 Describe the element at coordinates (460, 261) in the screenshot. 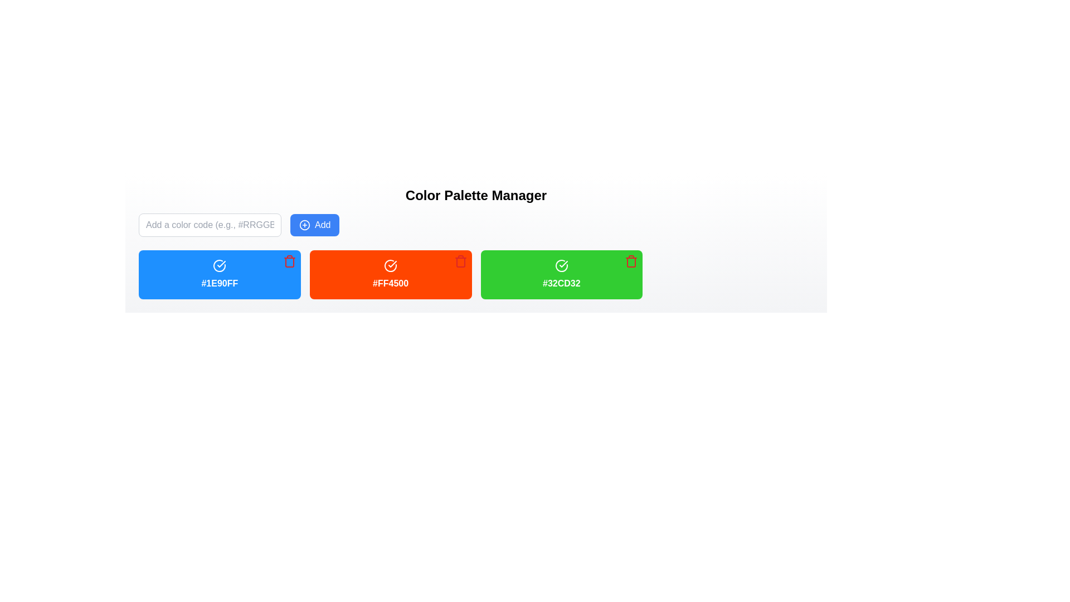

I see `the trash can icon button located at the top-right corner of the card with an orange background` at that location.